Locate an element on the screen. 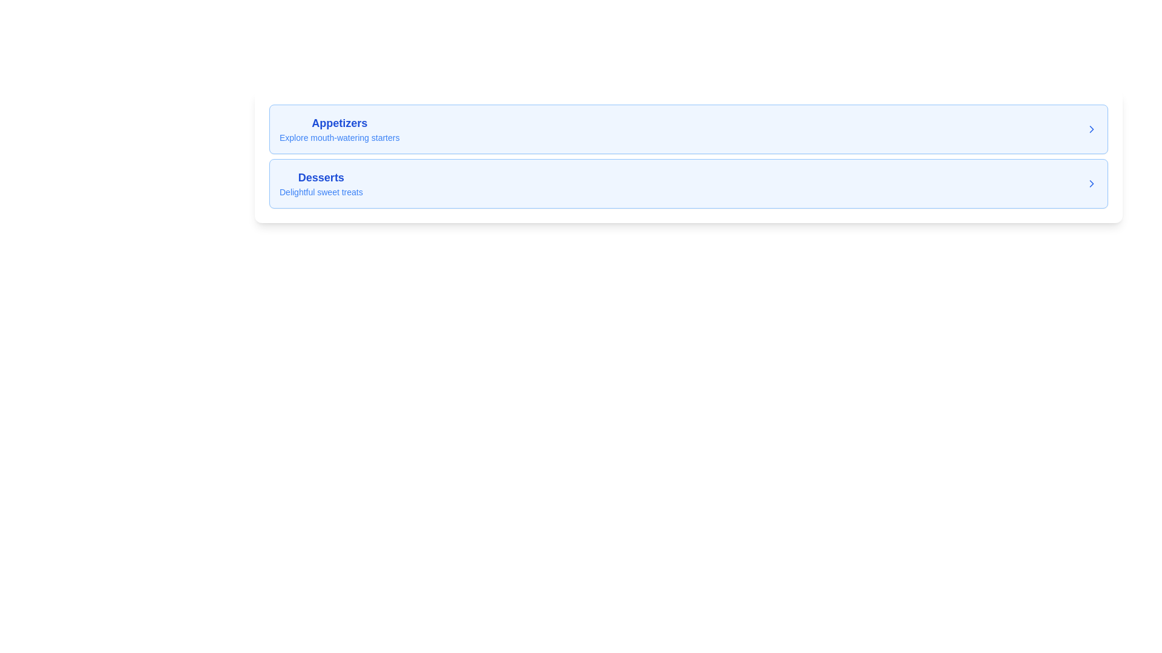 Image resolution: width=1162 pixels, height=653 pixels. the second triangular arrow icon pointing to the right, located to the right of the menu option labeled 'Desserts' is located at coordinates (1092, 184).